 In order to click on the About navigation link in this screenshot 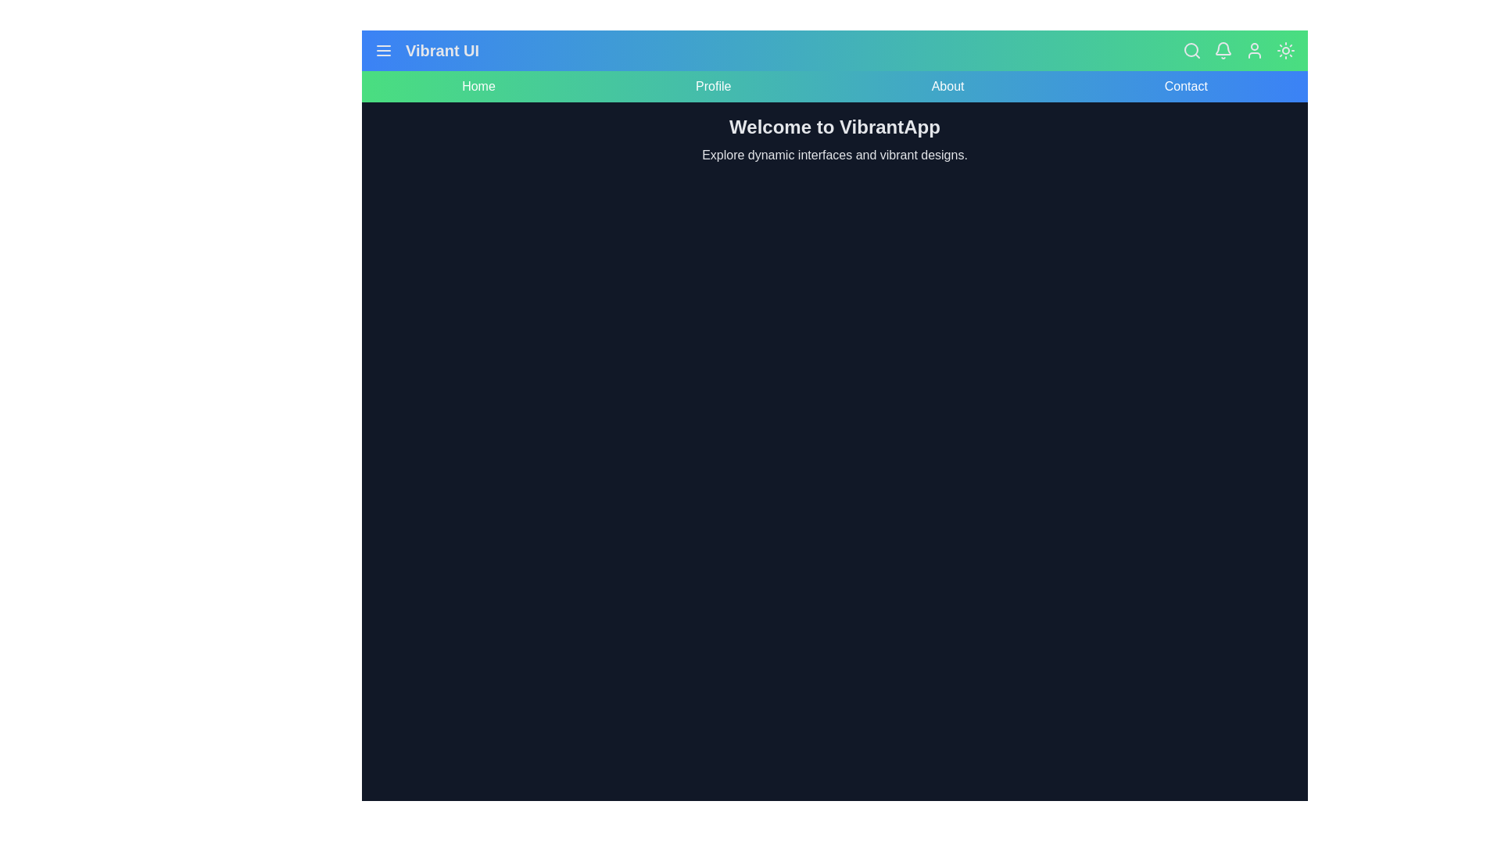, I will do `click(946, 87)`.